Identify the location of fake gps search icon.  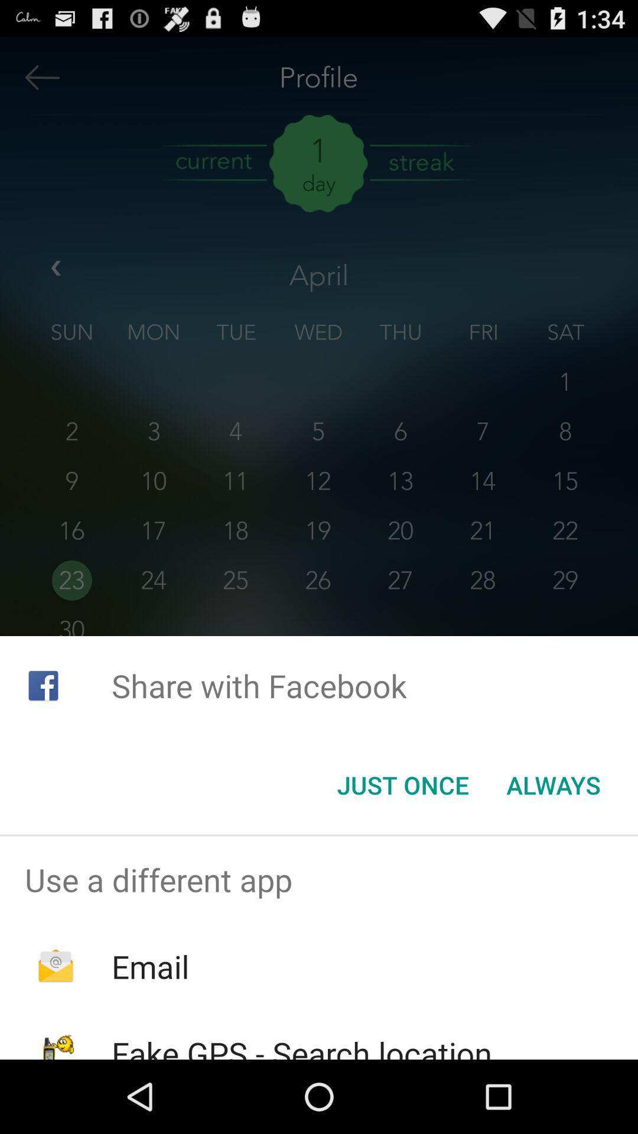
(301, 1045).